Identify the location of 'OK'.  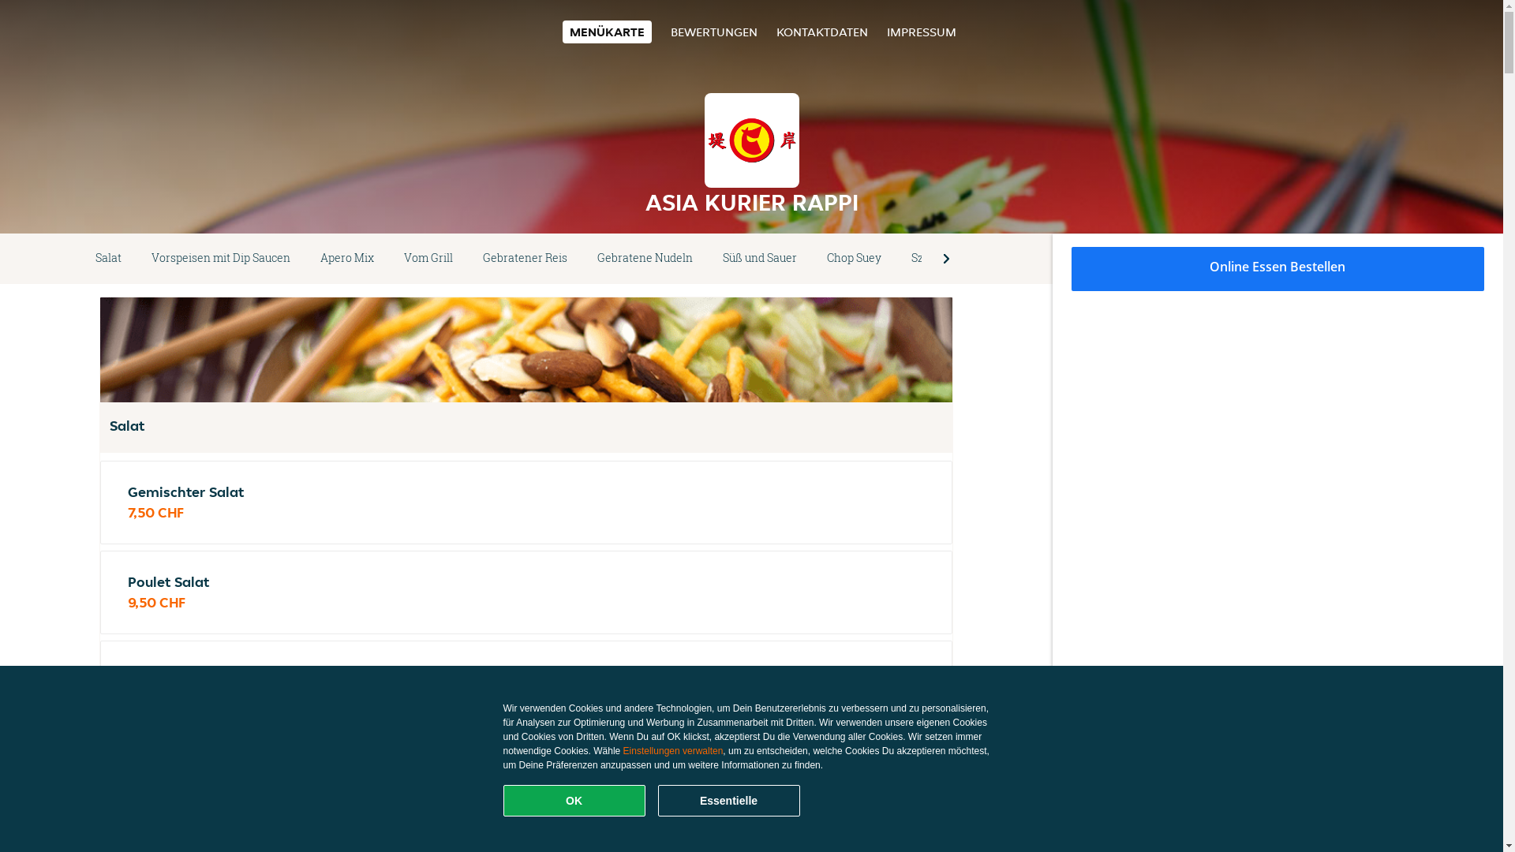
(574, 800).